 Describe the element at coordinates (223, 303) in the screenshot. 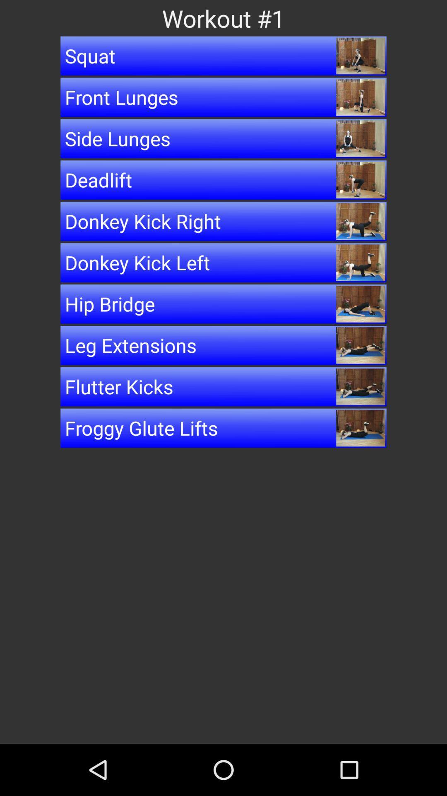

I see `the icon above the leg extensions item` at that location.